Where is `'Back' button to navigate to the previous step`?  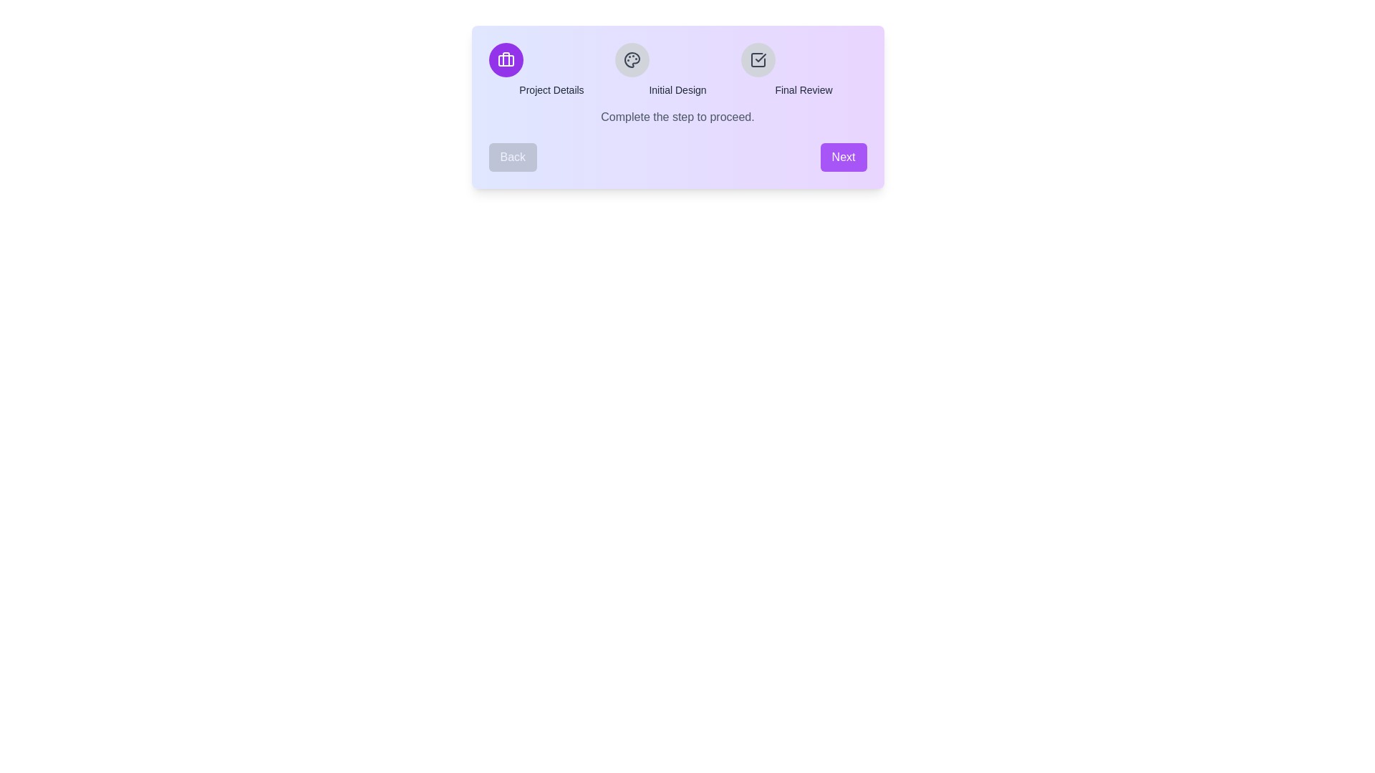 'Back' button to navigate to the previous step is located at coordinates (513, 157).